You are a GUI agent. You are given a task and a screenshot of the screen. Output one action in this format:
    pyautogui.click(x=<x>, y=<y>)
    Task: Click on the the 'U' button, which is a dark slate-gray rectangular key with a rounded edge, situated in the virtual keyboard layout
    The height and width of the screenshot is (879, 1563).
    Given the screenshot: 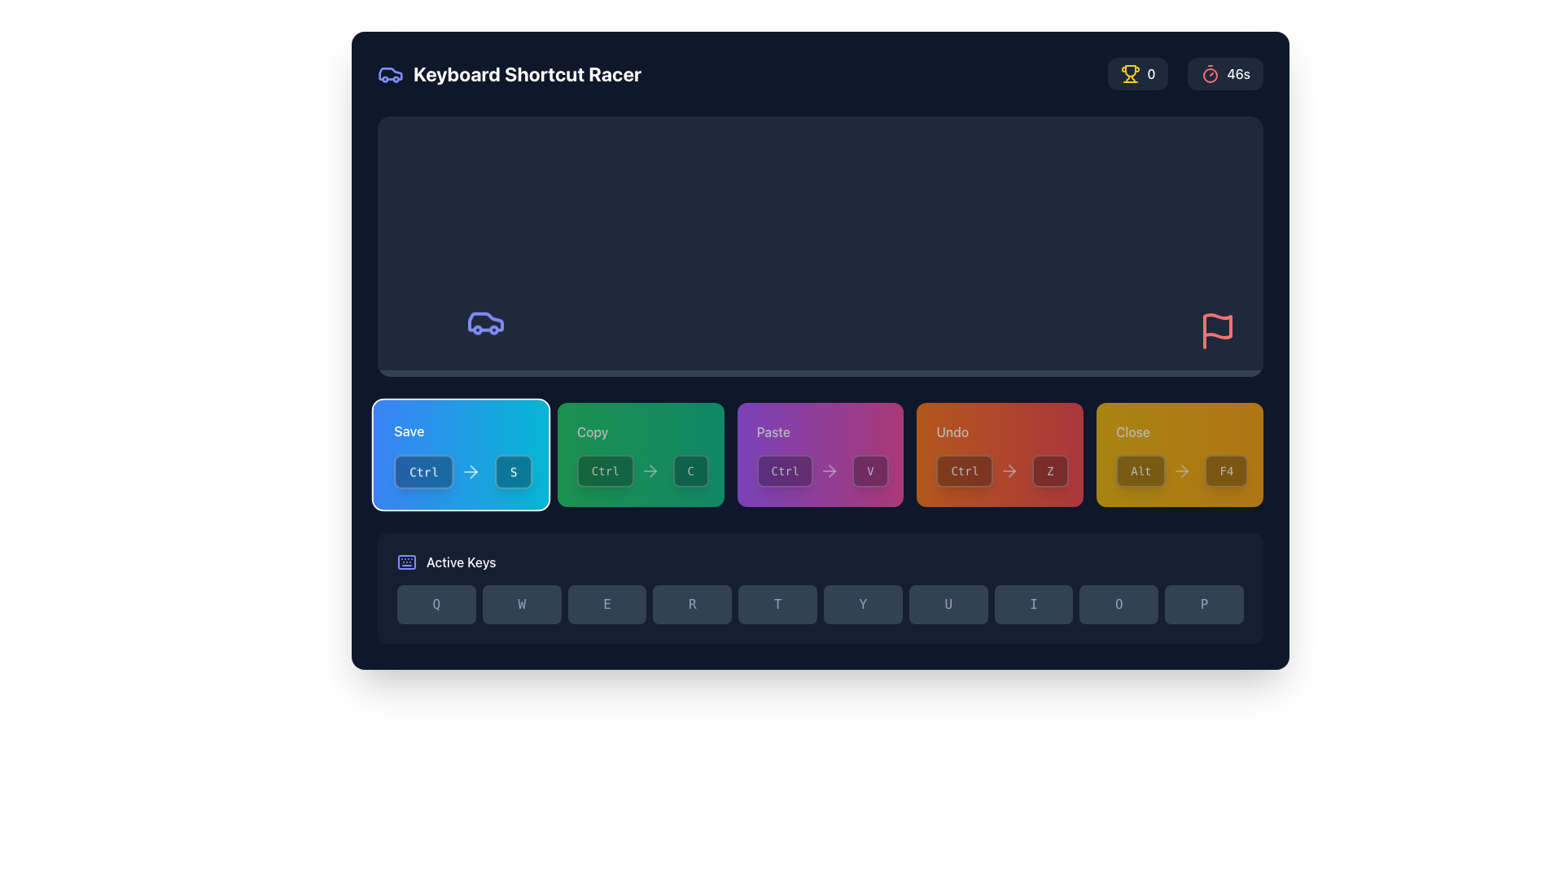 What is the action you would take?
    pyautogui.click(x=948, y=605)
    